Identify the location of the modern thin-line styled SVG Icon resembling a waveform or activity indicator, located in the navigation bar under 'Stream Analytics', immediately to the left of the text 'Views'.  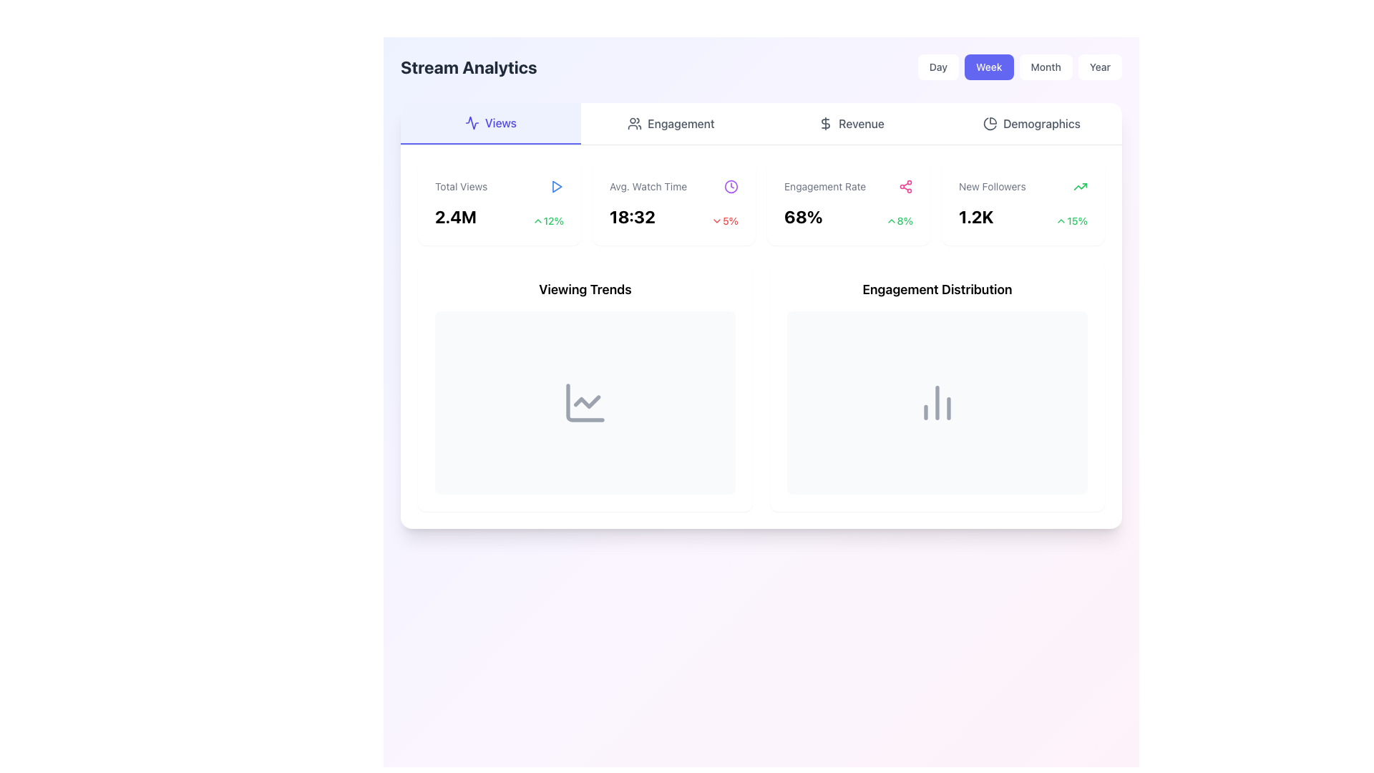
(472, 122).